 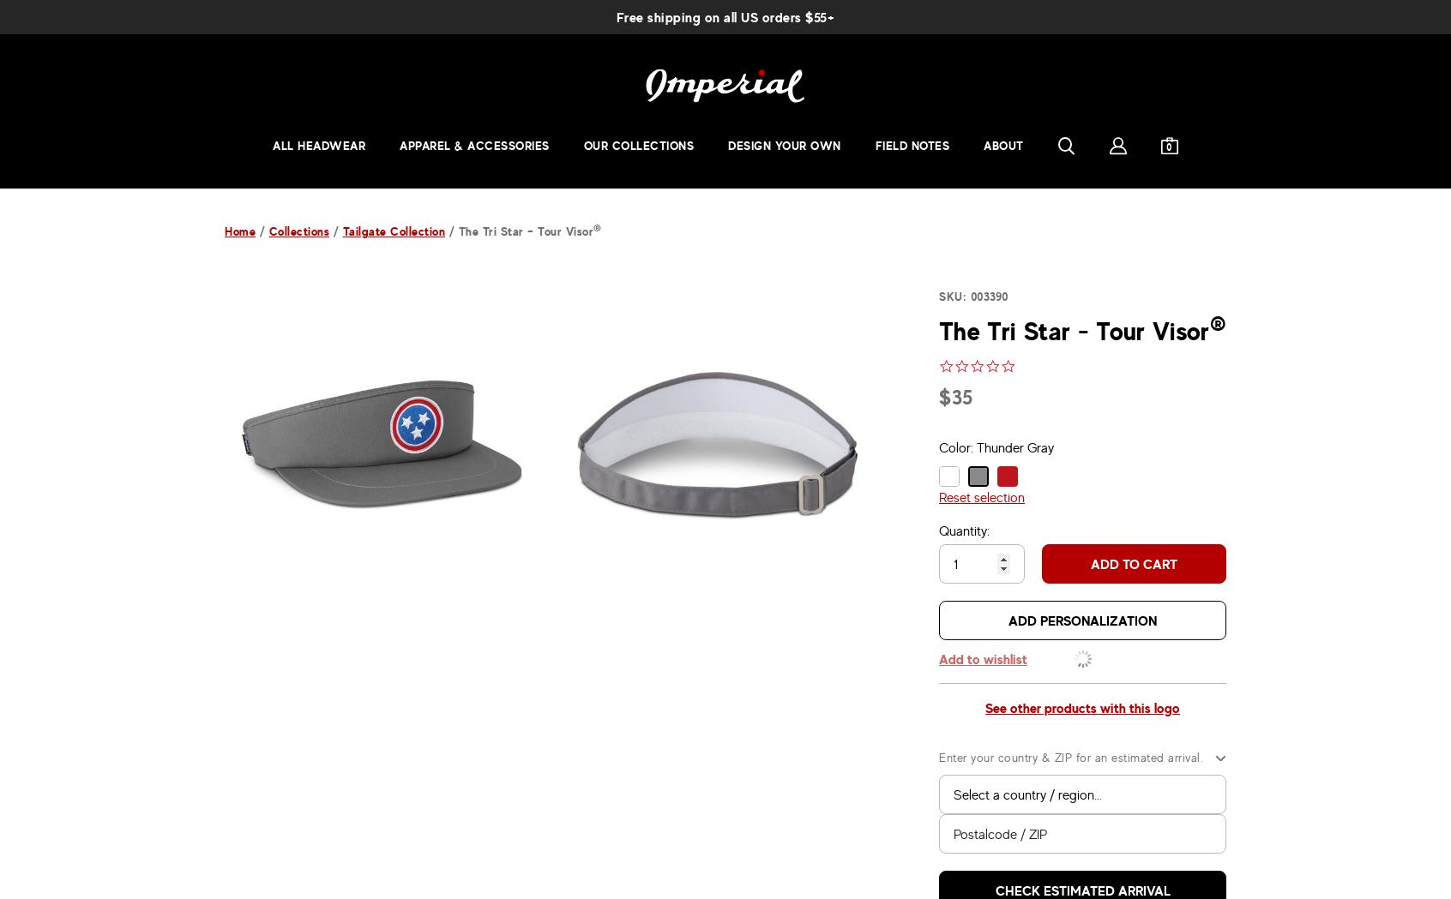 I want to click on 'All Headwear', so click(x=319, y=144).